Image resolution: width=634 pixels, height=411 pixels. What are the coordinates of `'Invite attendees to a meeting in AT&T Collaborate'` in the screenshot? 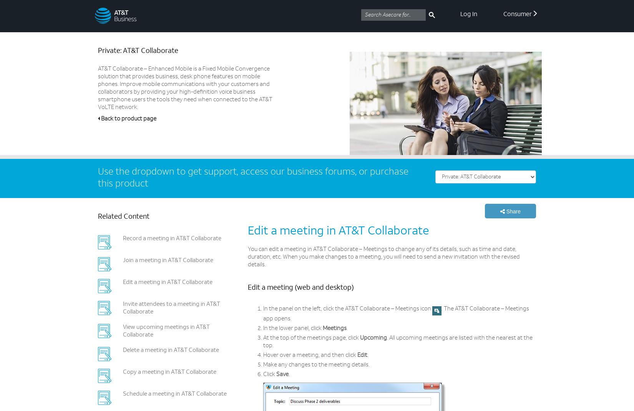 It's located at (171, 308).